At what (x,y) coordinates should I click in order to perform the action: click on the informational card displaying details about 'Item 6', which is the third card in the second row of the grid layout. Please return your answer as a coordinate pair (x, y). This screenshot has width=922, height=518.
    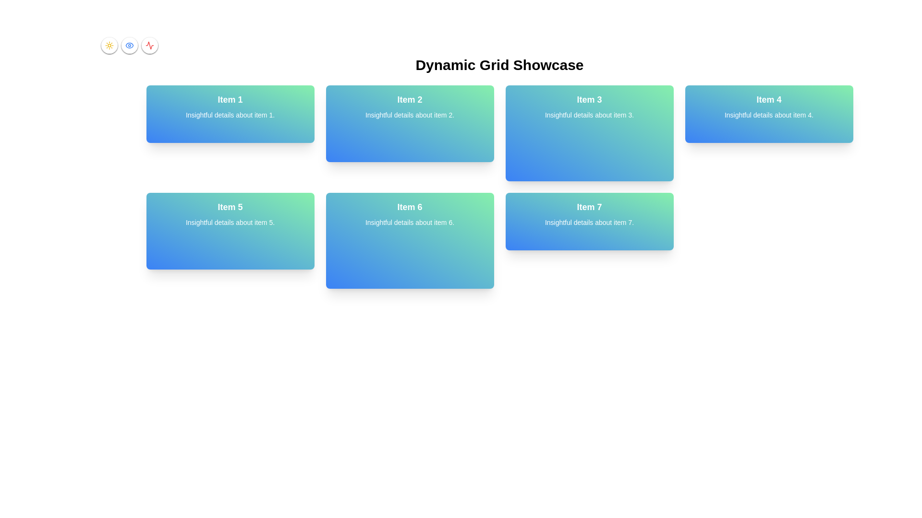
    Looking at the image, I should click on (410, 240).